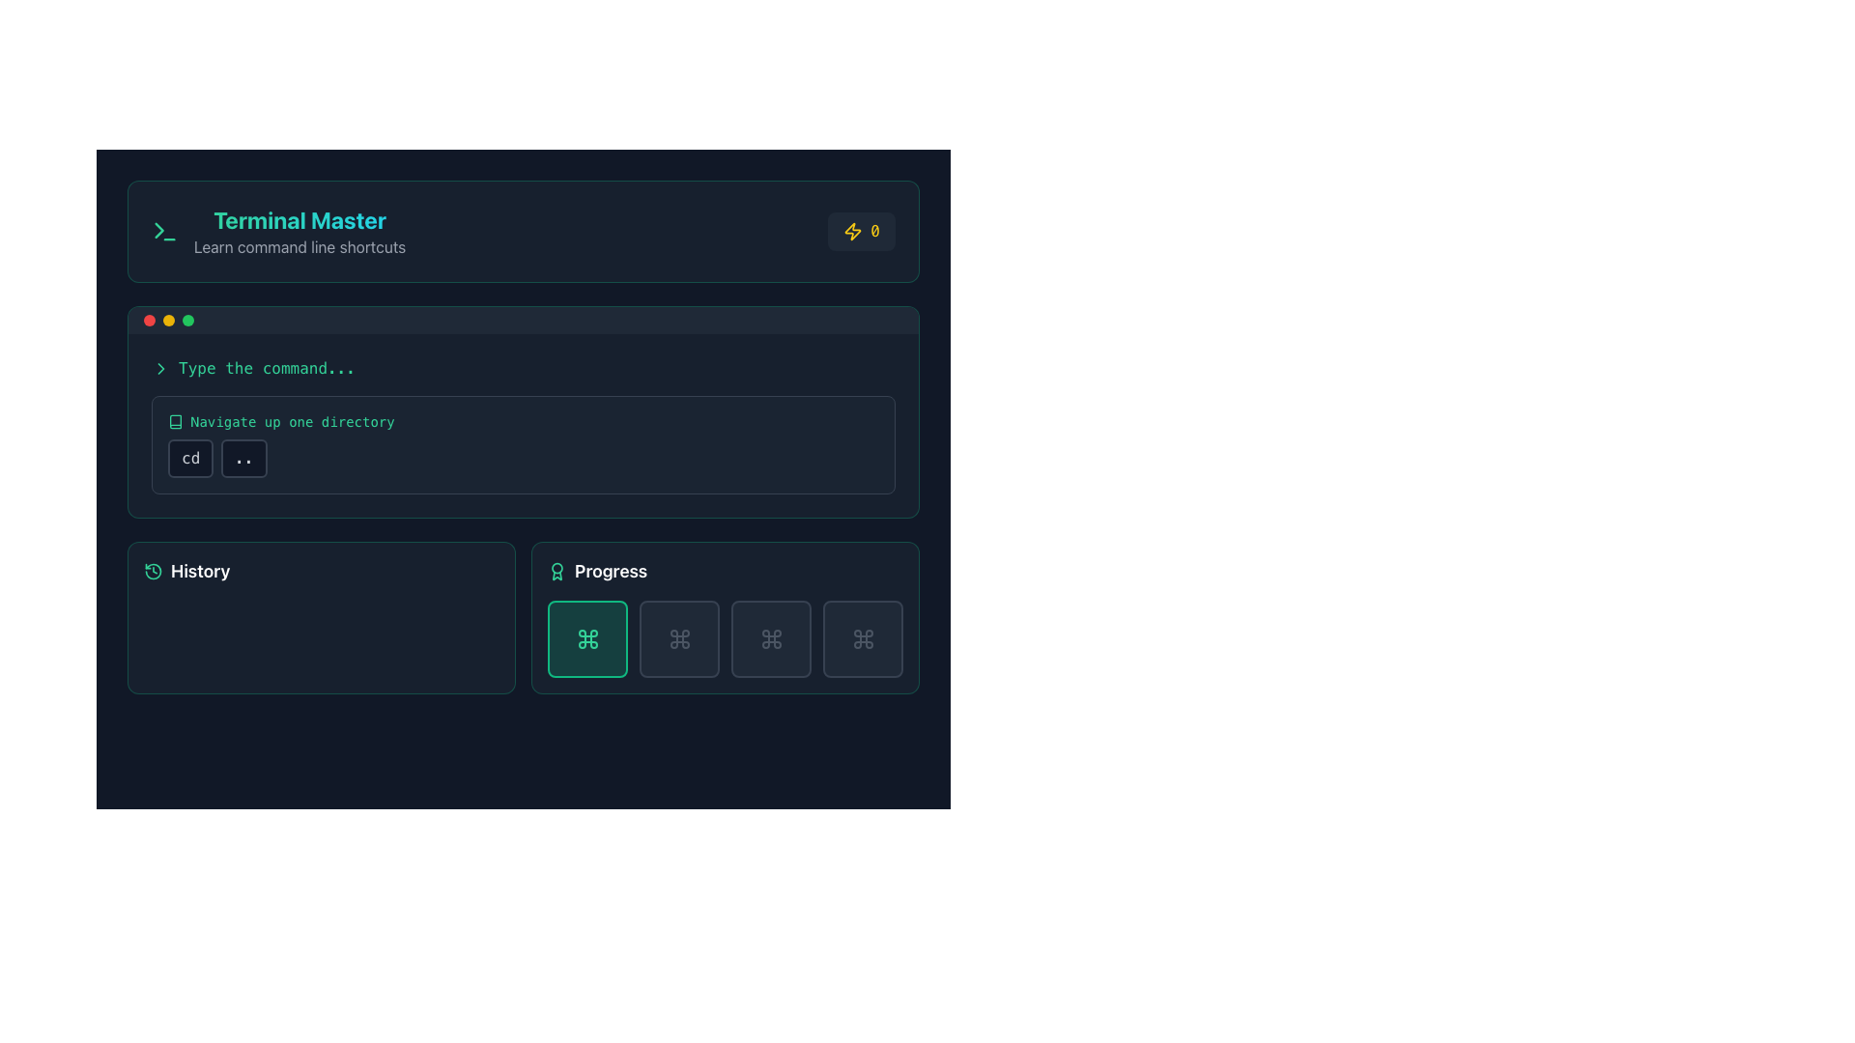 This screenshot has height=1043, width=1855. What do you see at coordinates (586, 639) in the screenshot?
I see `the button representing a progress-related feature located within the 'Progress' section` at bounding box center [586, 639].